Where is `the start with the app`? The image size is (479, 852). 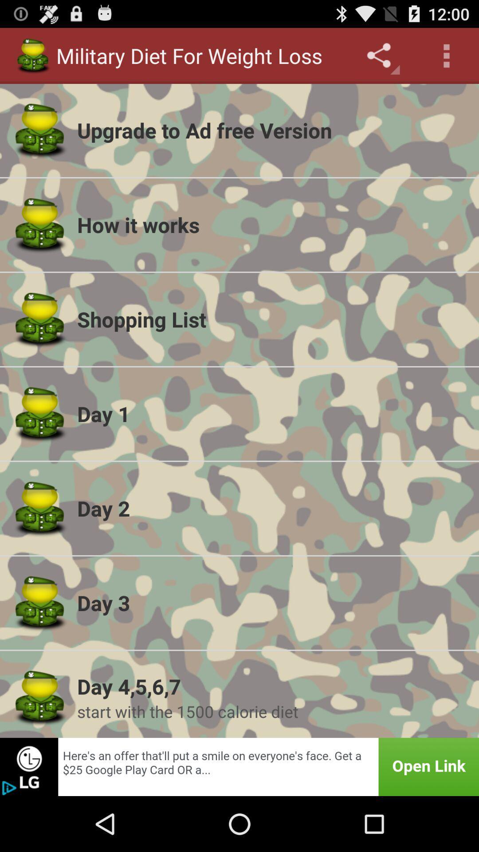 the start with the app is located at coordinates (272, 711).